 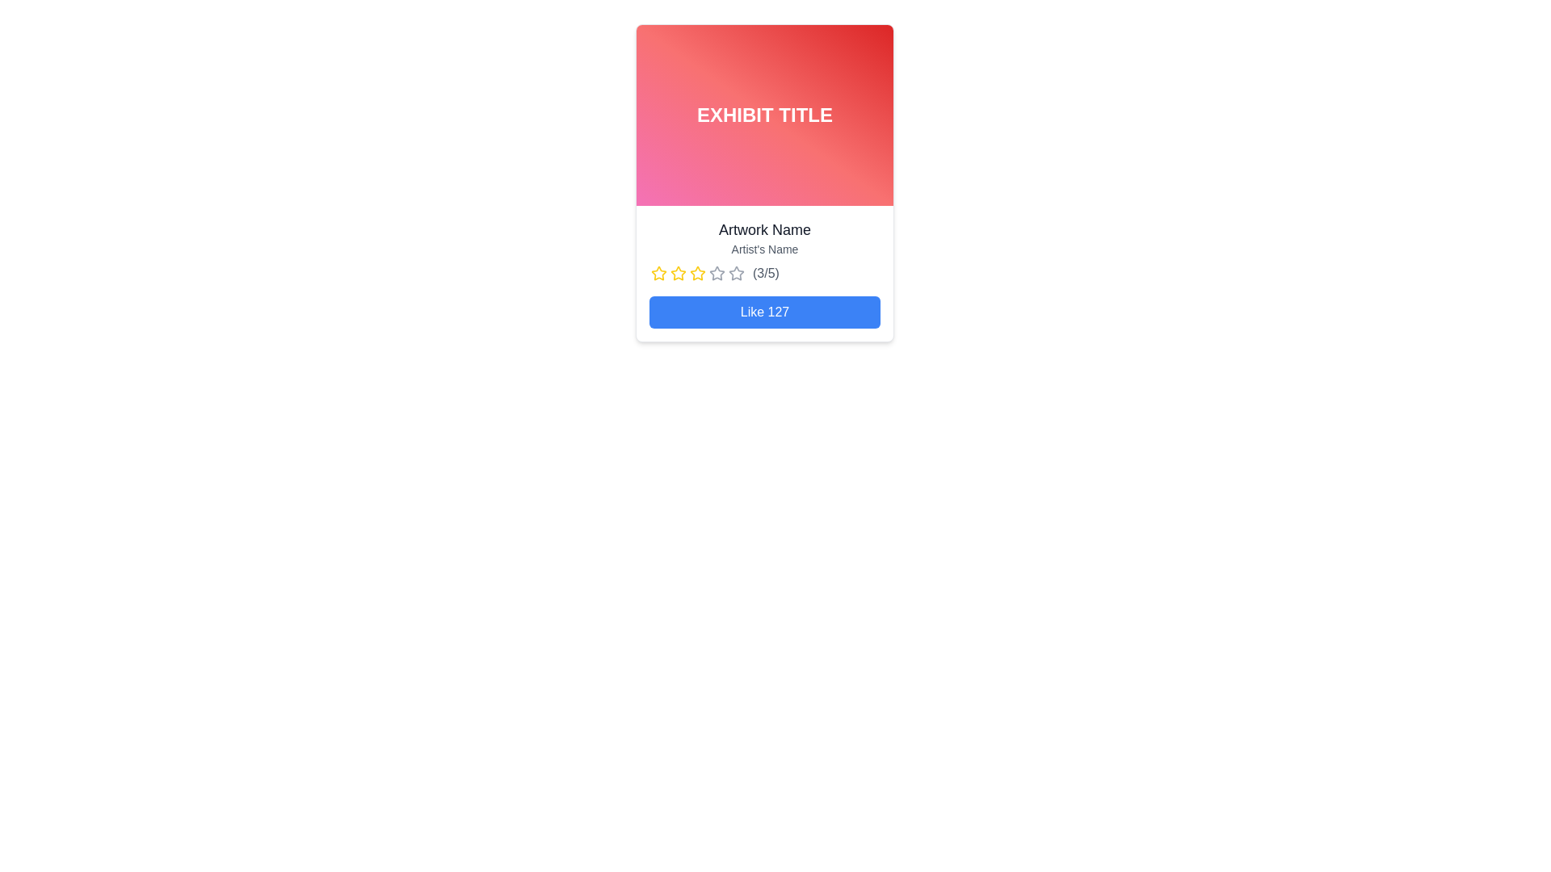 What do you see at coordinates (763, 114) in the screenshot?
I see `the static text label displaying 'Exhibit Title' in bold, uppercase white font against a pink to red gradient background, located at the upper section of the card-like component` at bounding box center [763, 114].